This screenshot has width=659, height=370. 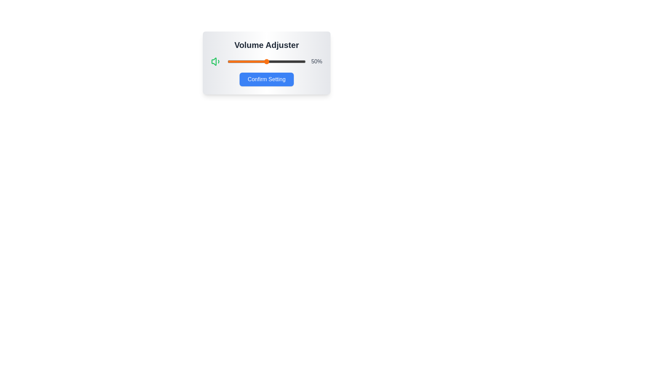 What do you see at coordinates (216, 62) in the screenshot?
I see `the volume icon to inspect its state` at bounding box center [216, 62].